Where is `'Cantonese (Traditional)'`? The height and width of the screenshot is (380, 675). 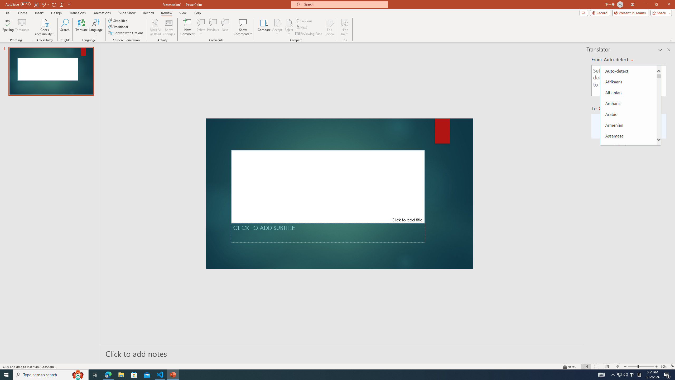
'Cantonese (Traditional)' is located at coordinates (628, 232).